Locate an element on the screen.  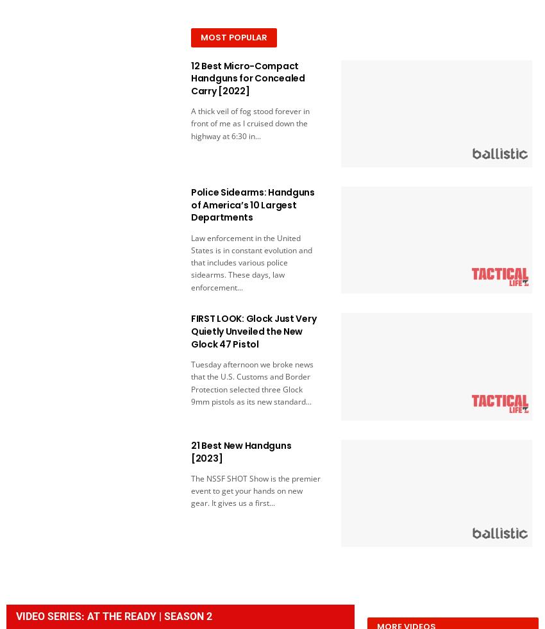
'The NSSF SHOT Show is the premier event to get your hands on new gear. It gives us a first...' is located at coordinates (255, 491).